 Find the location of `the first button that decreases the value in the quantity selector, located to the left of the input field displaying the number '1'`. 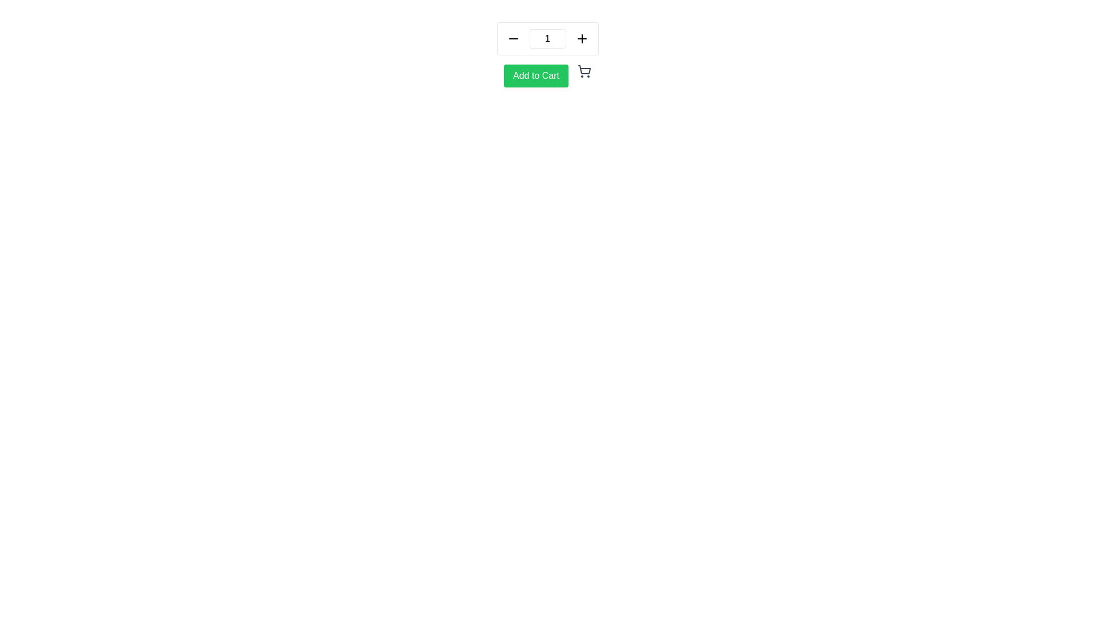

the first button that decreases the value in the quantity selector, located to the left of the input field displaying the number '1' is located at coordinates (513, 38).